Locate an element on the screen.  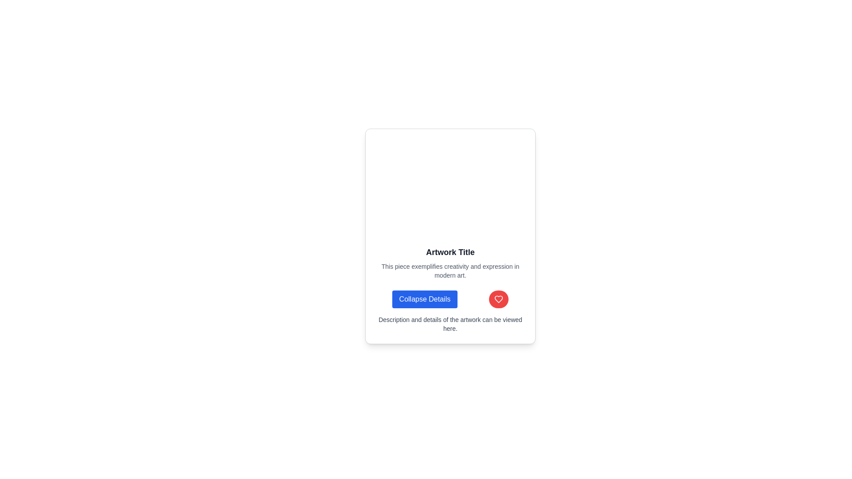
the red heart icon located at the bottom right of the card interface is located at coordinates (499, 299).